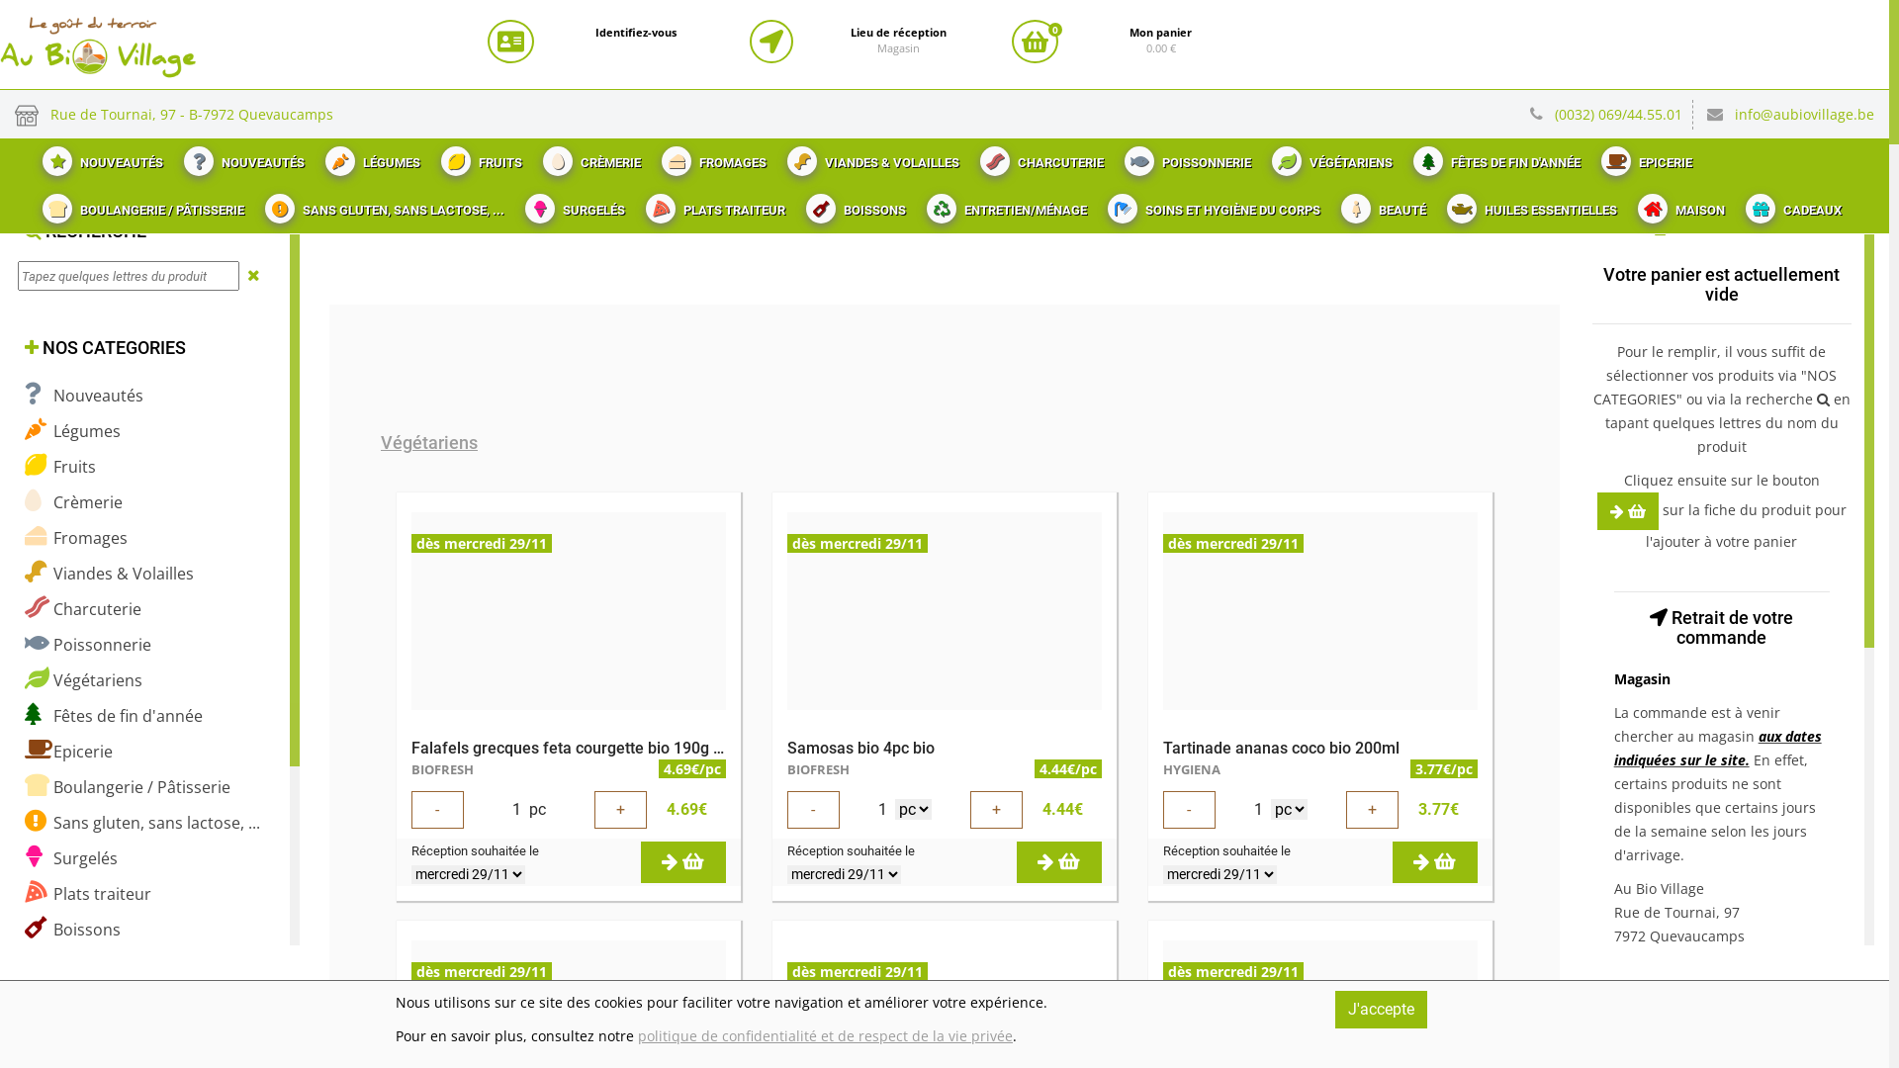  What do you see at coordinates (1039, 155) in the screenshot?
I see `'CHARCUTERIE'` at bounding box center [1039, 155].